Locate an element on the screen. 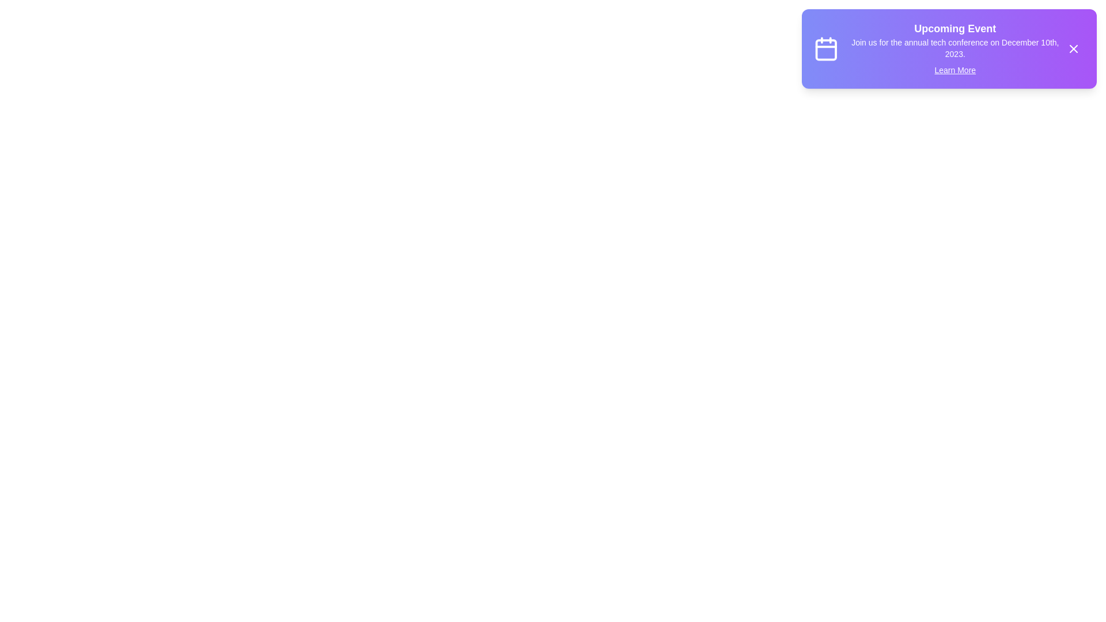  the 'Learn More' link in the notification snackbar is located at coordinates (955, 70).